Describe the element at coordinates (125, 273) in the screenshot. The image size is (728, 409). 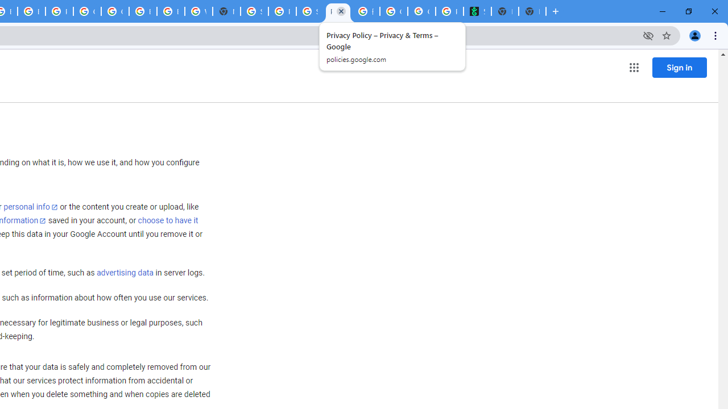
I see `'advertising data'` at that location.